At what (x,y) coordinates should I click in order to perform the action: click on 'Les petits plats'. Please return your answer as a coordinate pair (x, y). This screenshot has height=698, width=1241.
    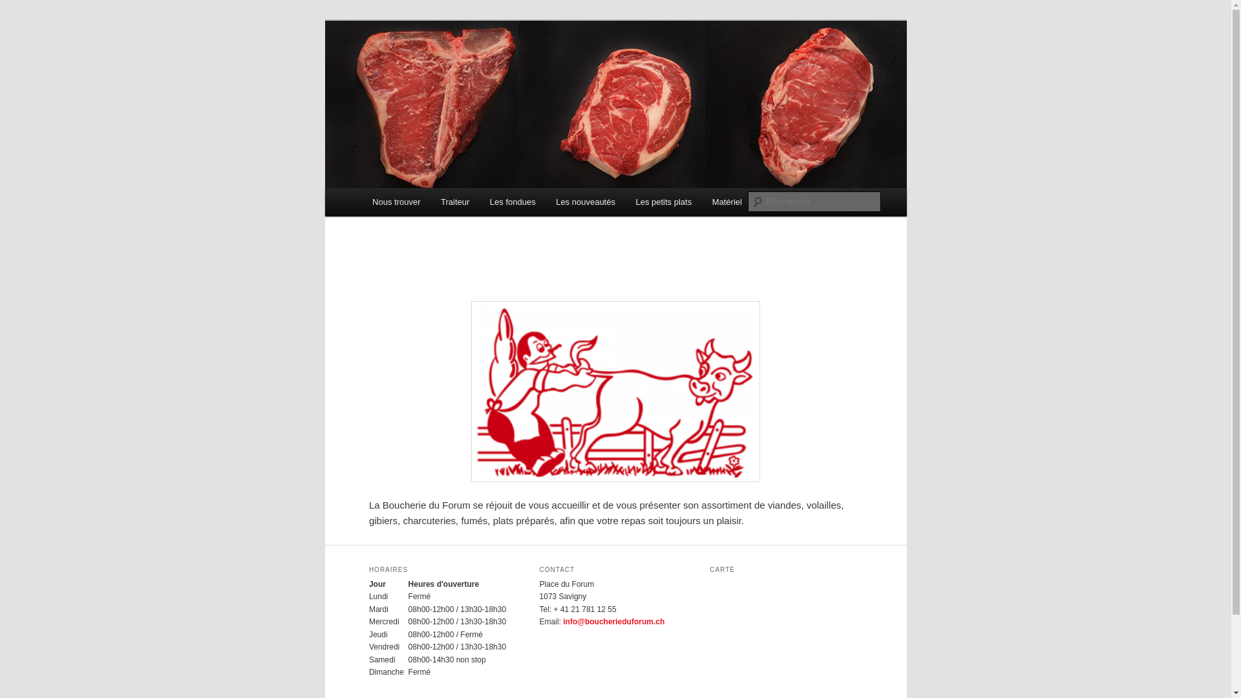
    Looking at the image, I should click on (664, 202).